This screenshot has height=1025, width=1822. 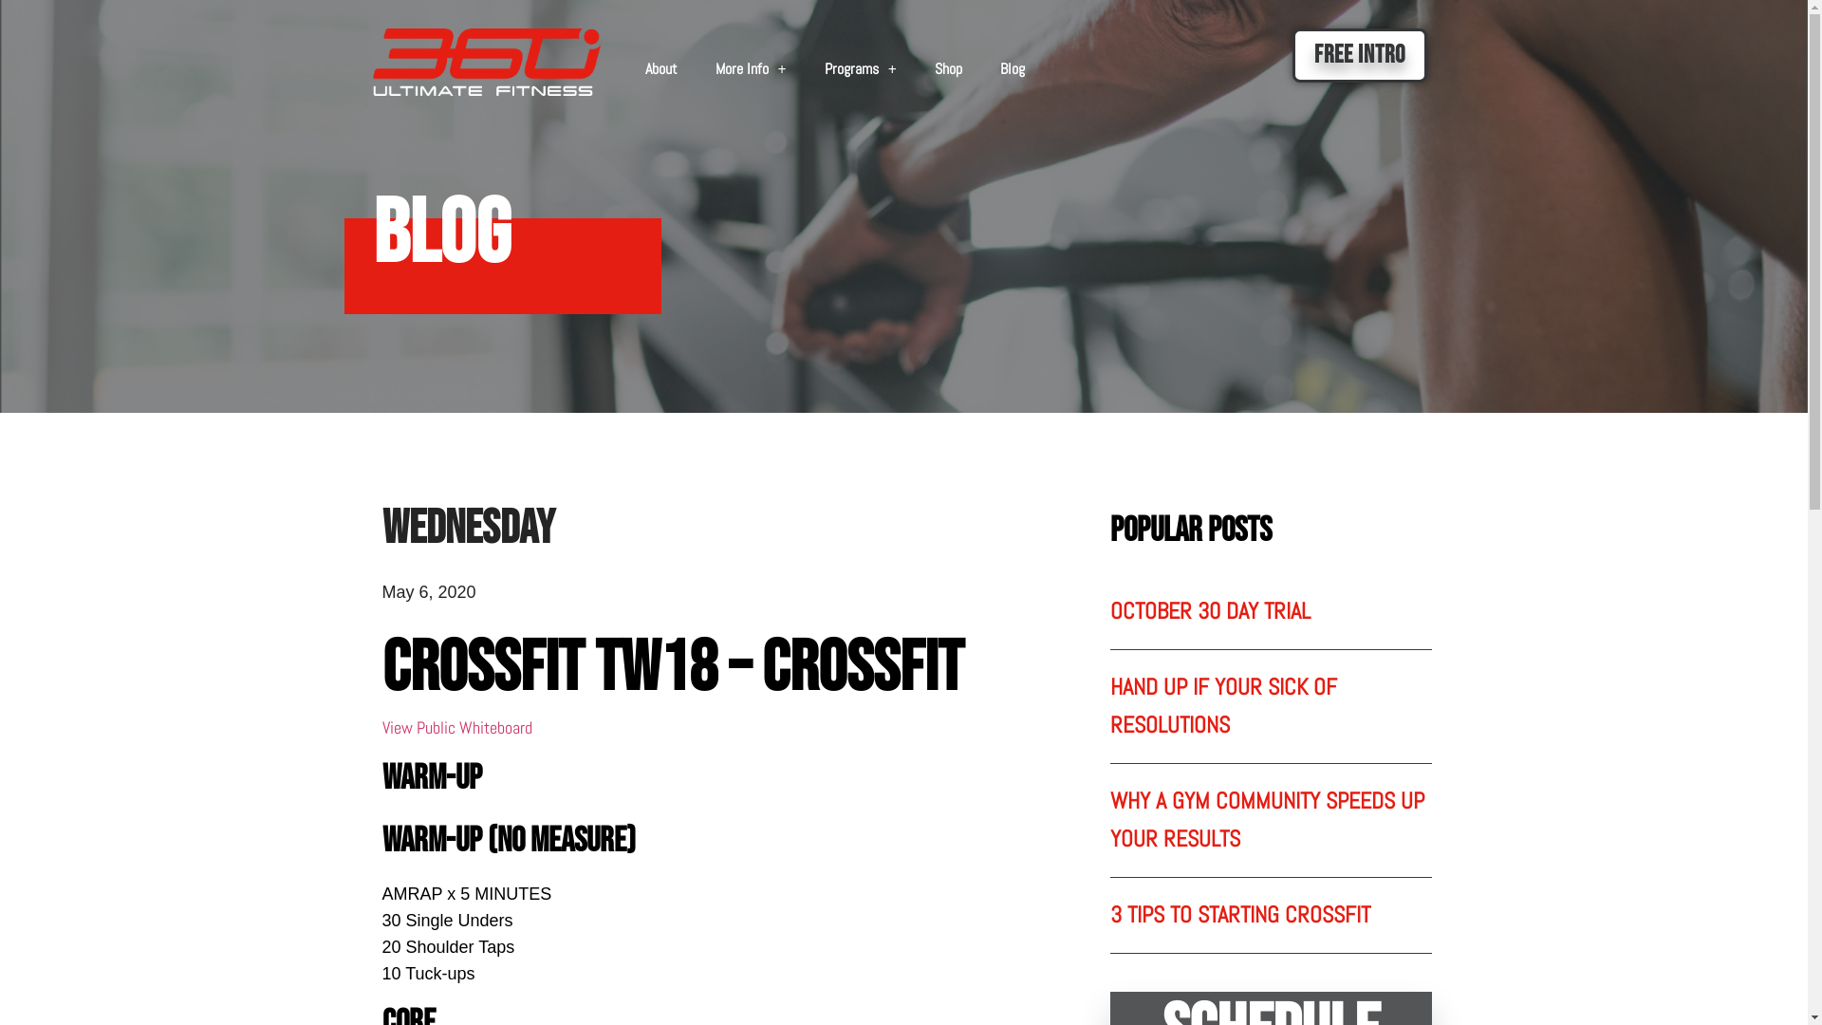 I want to click on 'View Public Whiteboard', so click(x=455, y=726).